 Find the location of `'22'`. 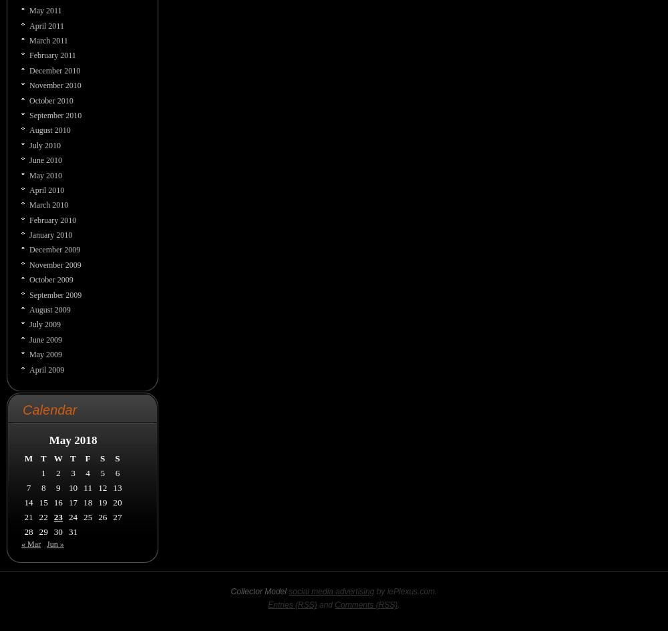

'22' is located at coordinates (39, 515).